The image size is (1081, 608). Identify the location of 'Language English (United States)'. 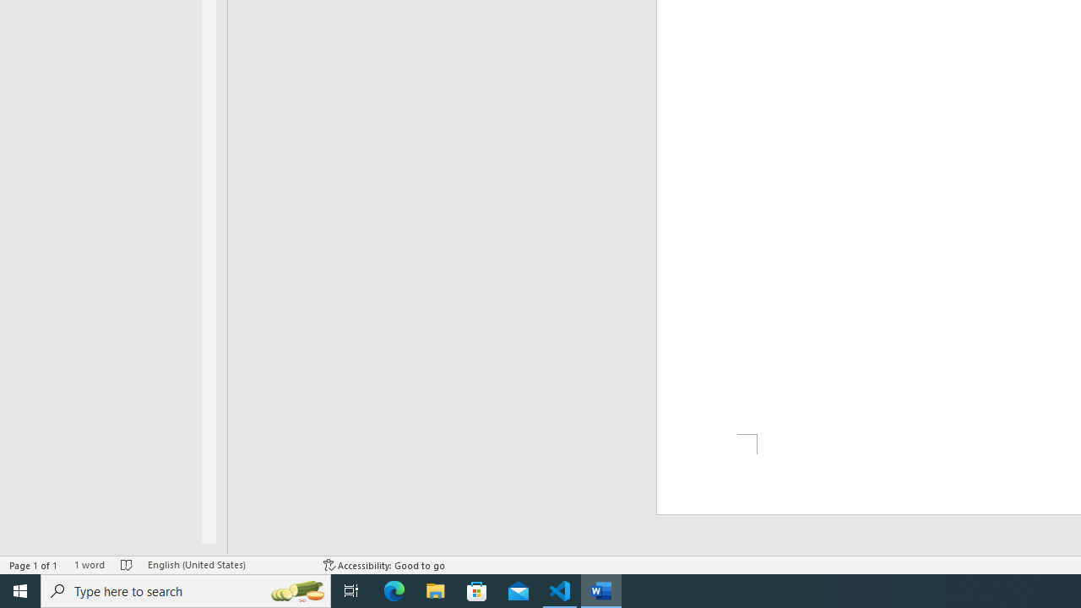
(226, 565).